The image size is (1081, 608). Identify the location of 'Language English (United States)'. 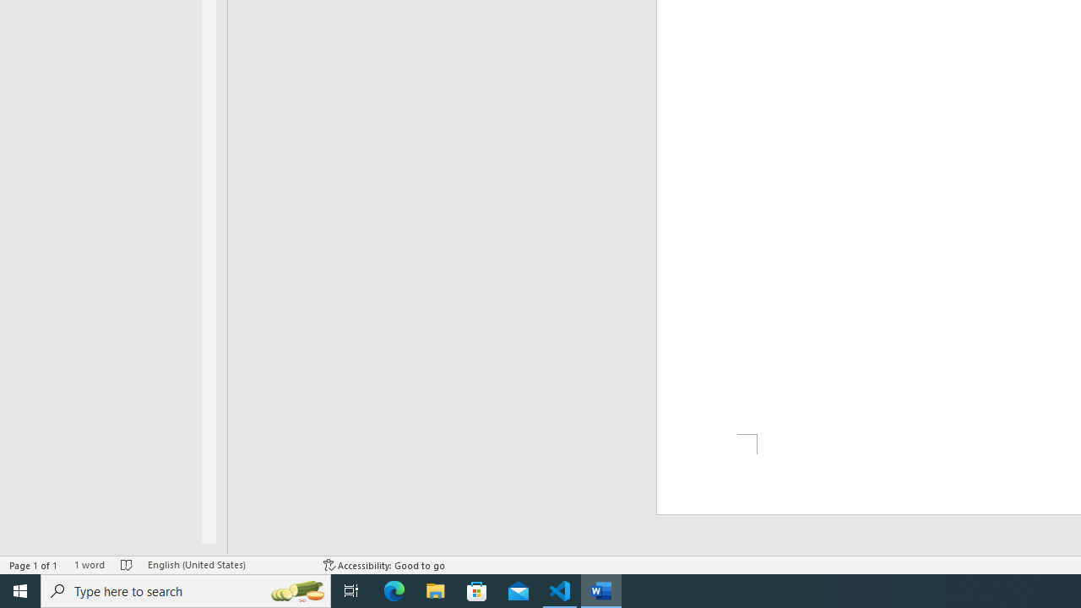
(226, 565).